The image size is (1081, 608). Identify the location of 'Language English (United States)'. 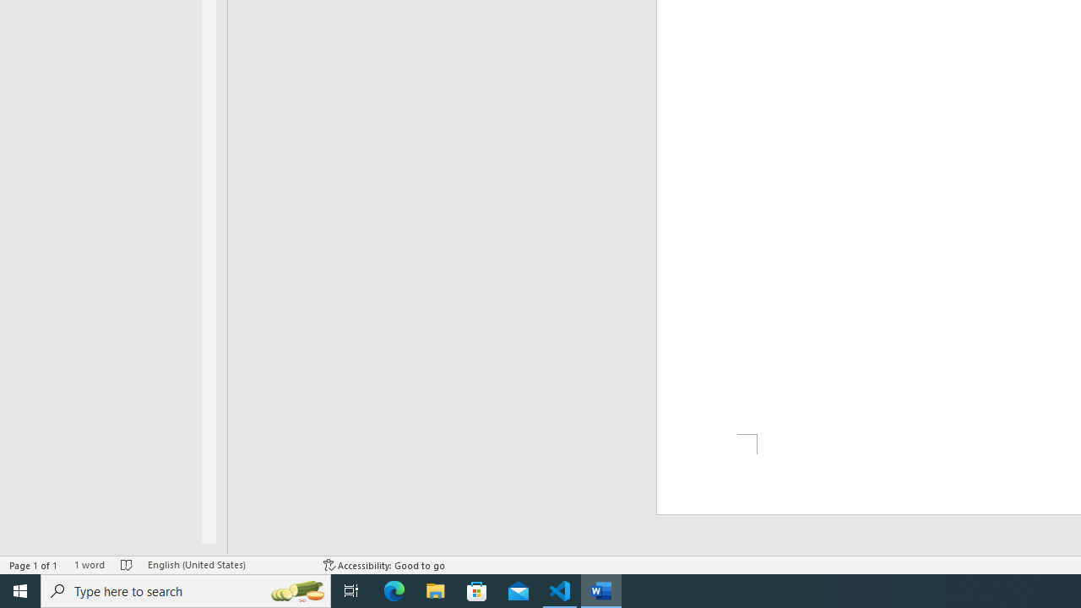
(226, 565).